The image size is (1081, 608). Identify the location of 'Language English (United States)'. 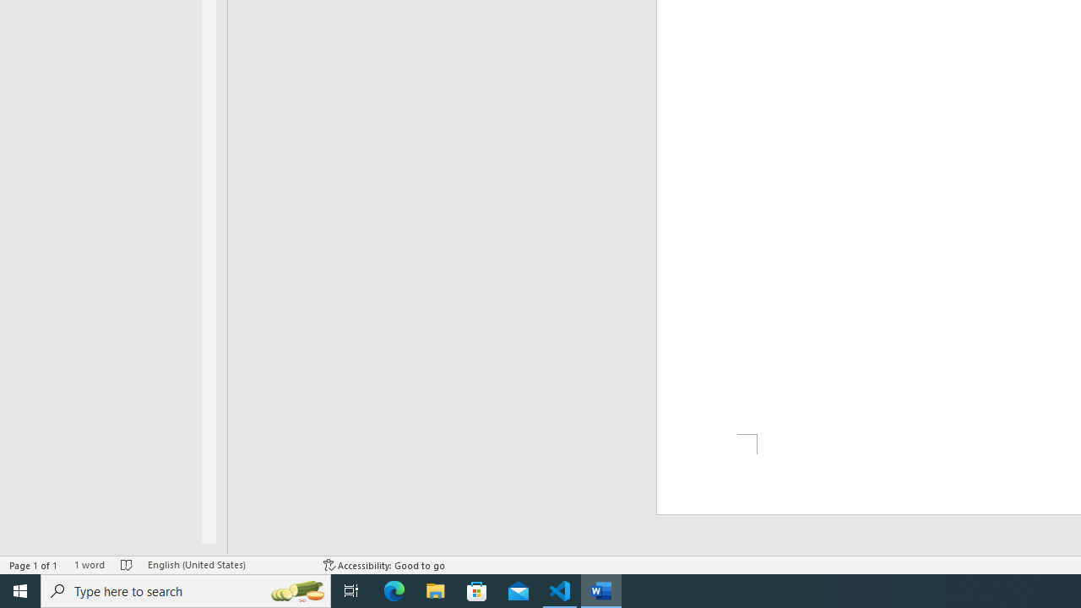
(226, 565).